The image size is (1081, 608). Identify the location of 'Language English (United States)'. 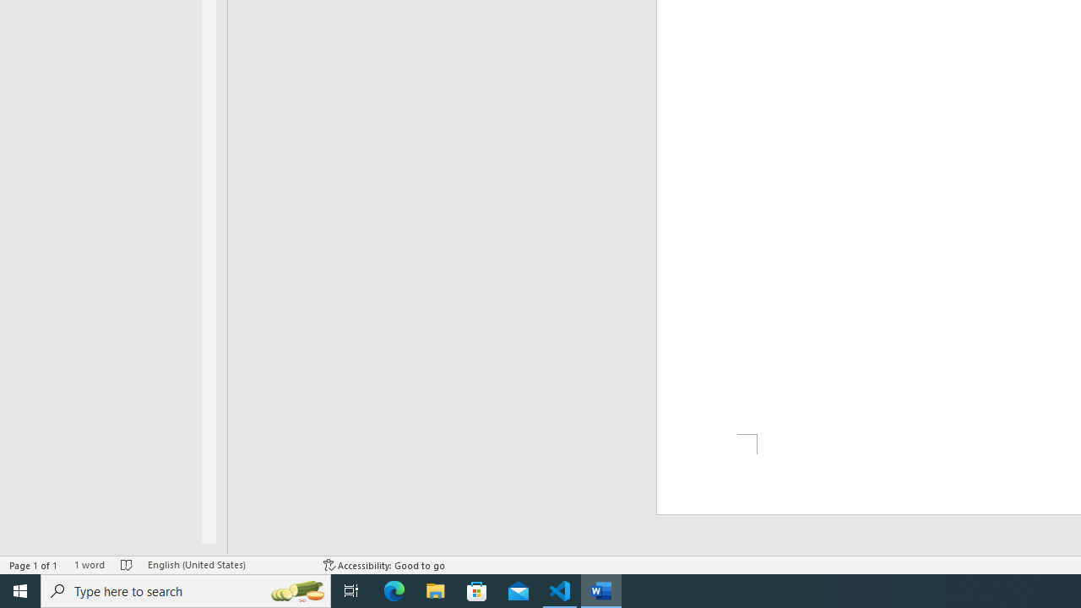
(226, 565).